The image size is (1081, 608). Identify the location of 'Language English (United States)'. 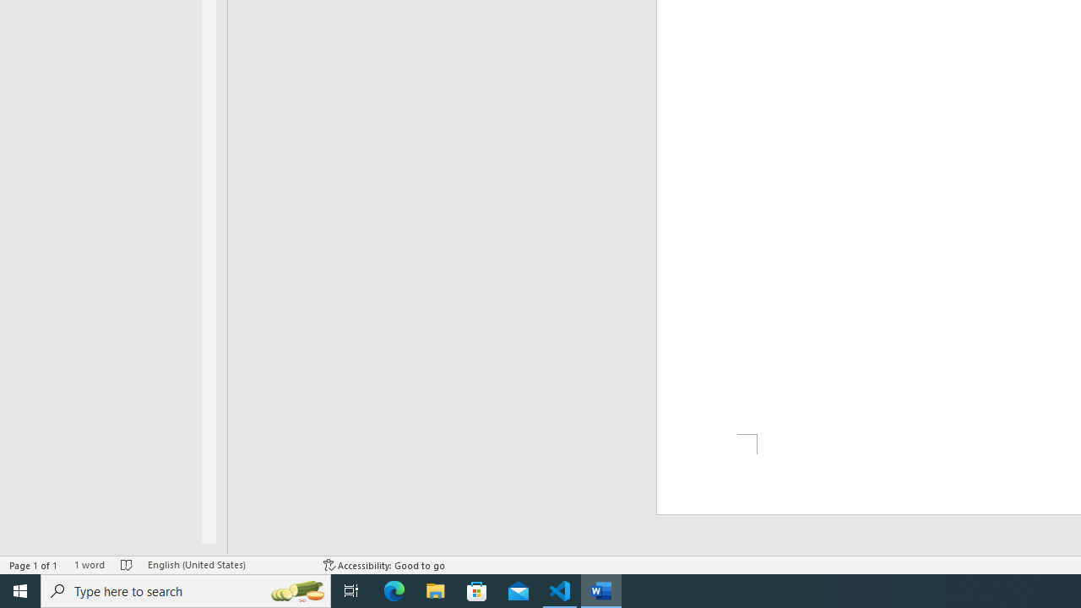
(226, 565).